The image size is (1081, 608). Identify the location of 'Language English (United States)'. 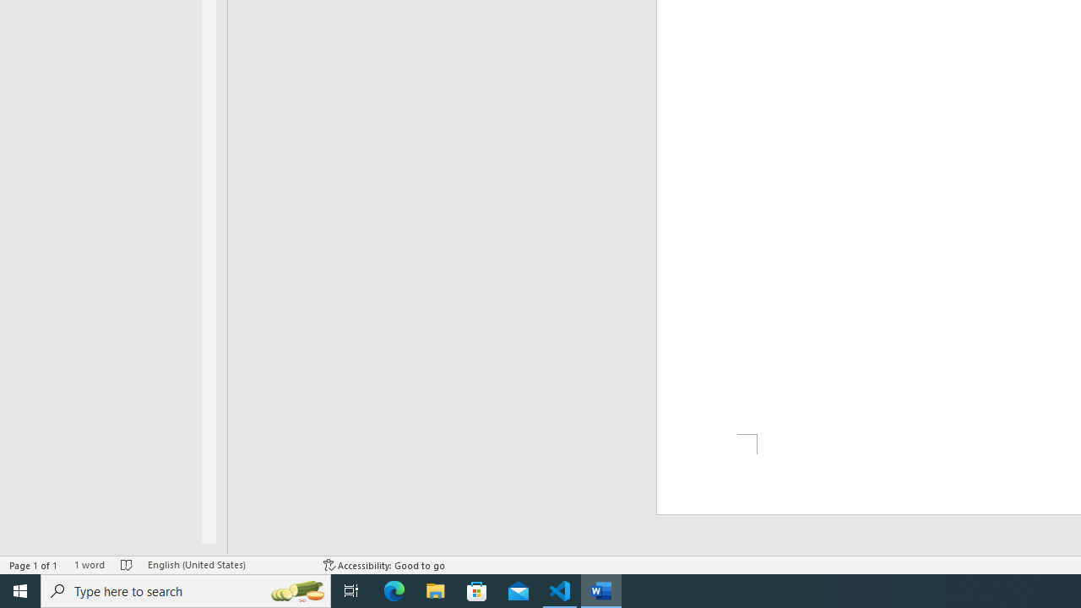
(226, 565).